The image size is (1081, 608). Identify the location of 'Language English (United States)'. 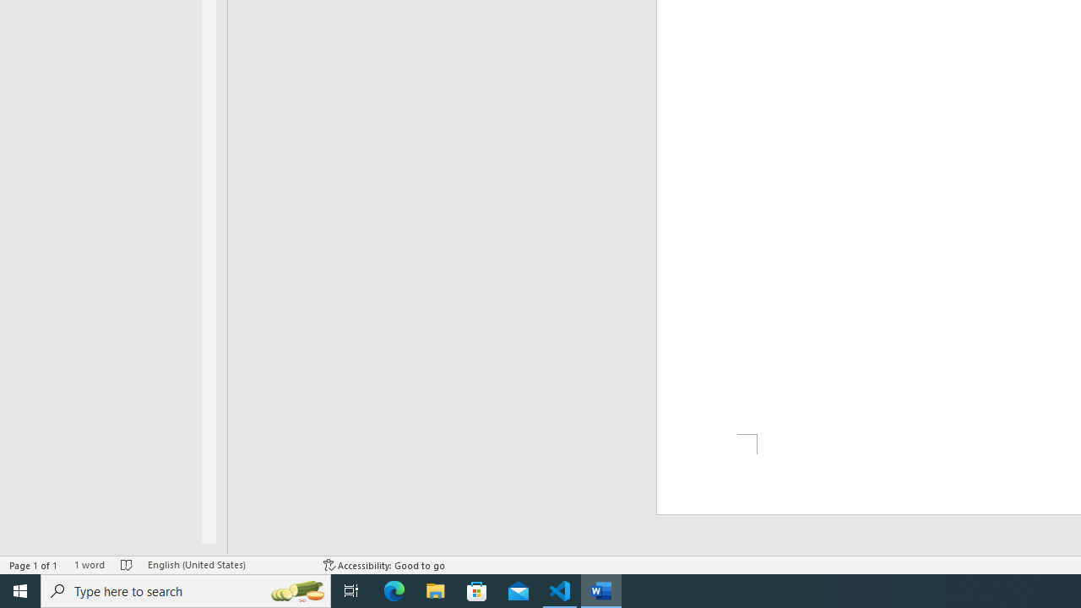
(226, 565).